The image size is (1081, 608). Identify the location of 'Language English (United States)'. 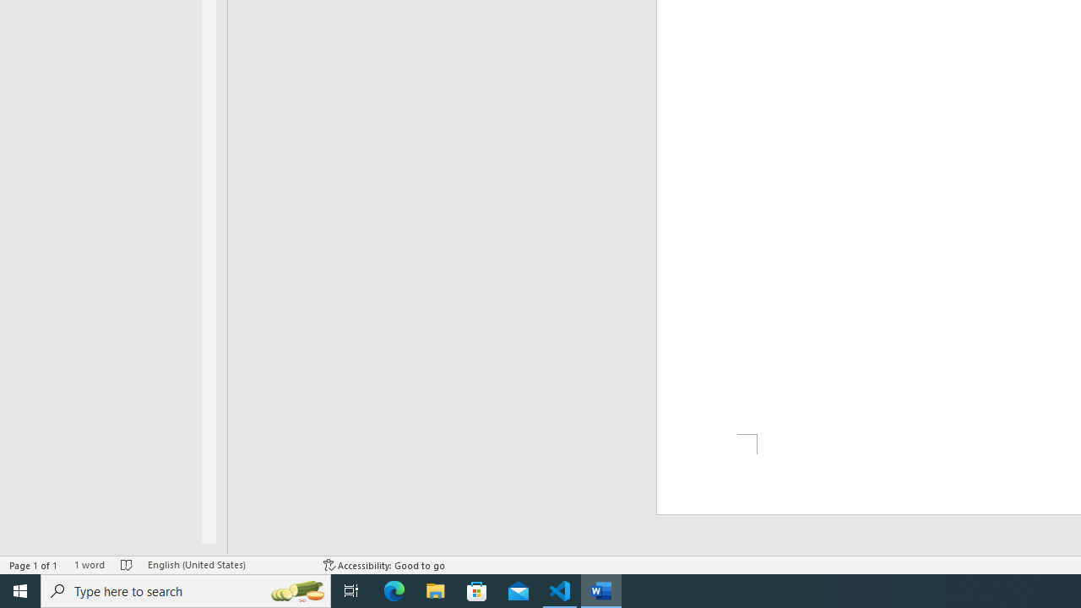
(226, 565).